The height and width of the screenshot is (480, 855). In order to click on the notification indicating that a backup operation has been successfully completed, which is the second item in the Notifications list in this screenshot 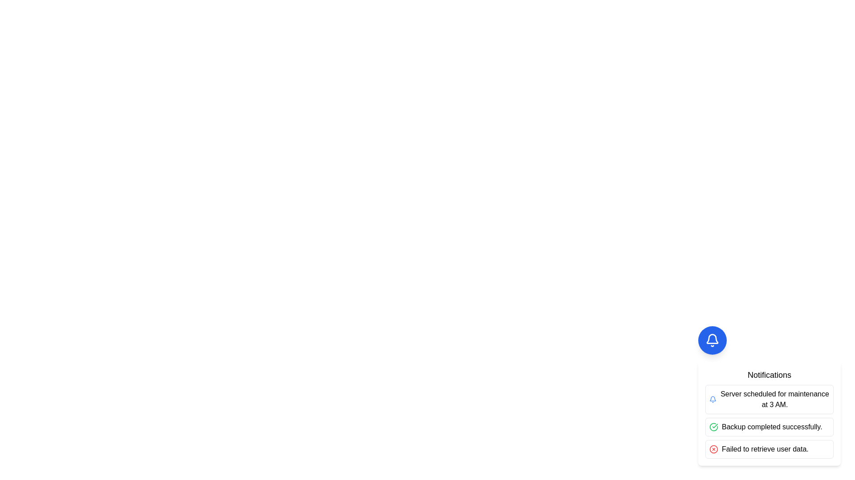, I will do `click(769, 421)`.